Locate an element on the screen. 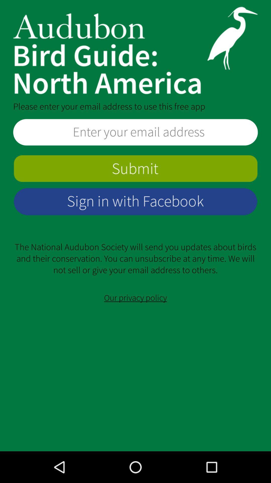  submit email address is located at coordinates (135, 169).